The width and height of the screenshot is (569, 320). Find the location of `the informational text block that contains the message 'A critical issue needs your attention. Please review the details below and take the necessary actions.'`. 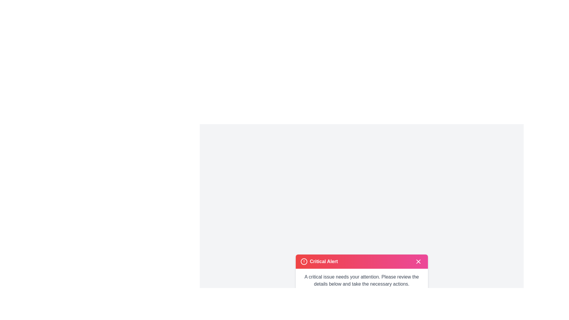

the informational text block that contains the message 'A critical issue needs your attention. Please review the details below and take the necessary actions.' is located at coordinates (361, 280).